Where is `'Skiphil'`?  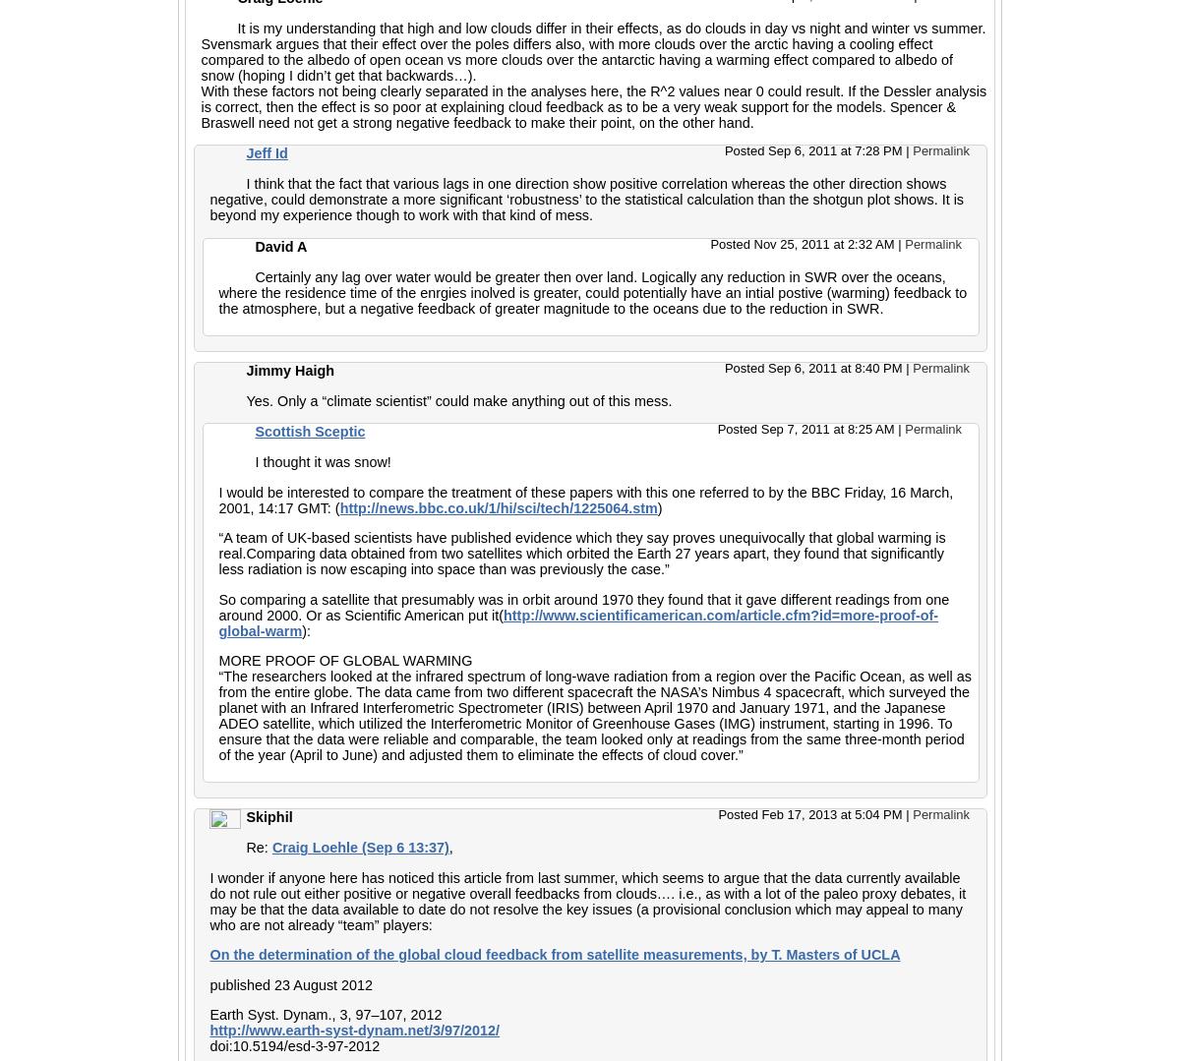 'Skiphil' is located at coordinates (268, 817).